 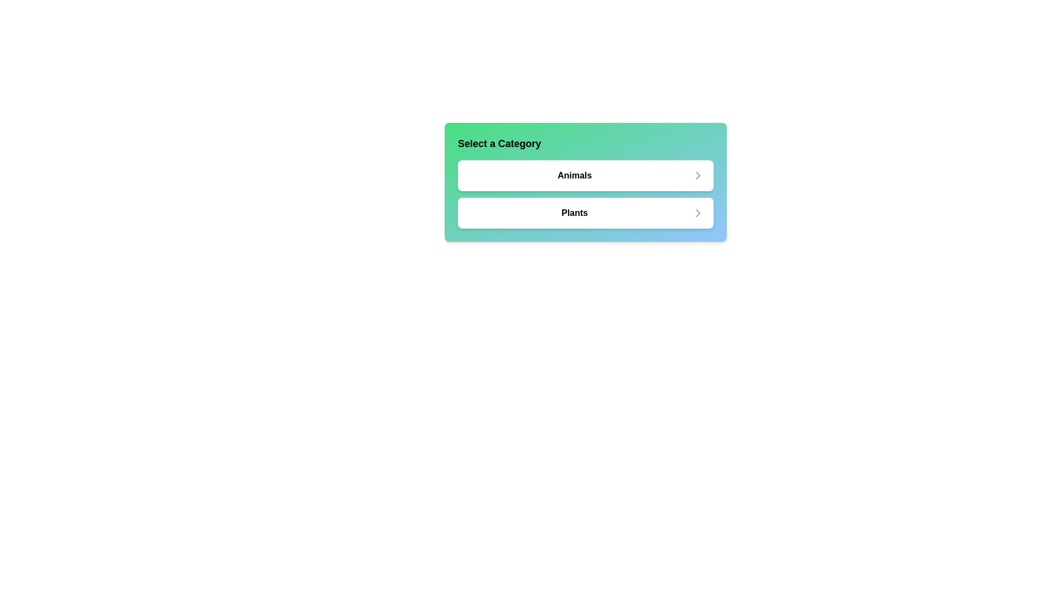 I want to click on the arrow icon, so click(x=698, y=175).